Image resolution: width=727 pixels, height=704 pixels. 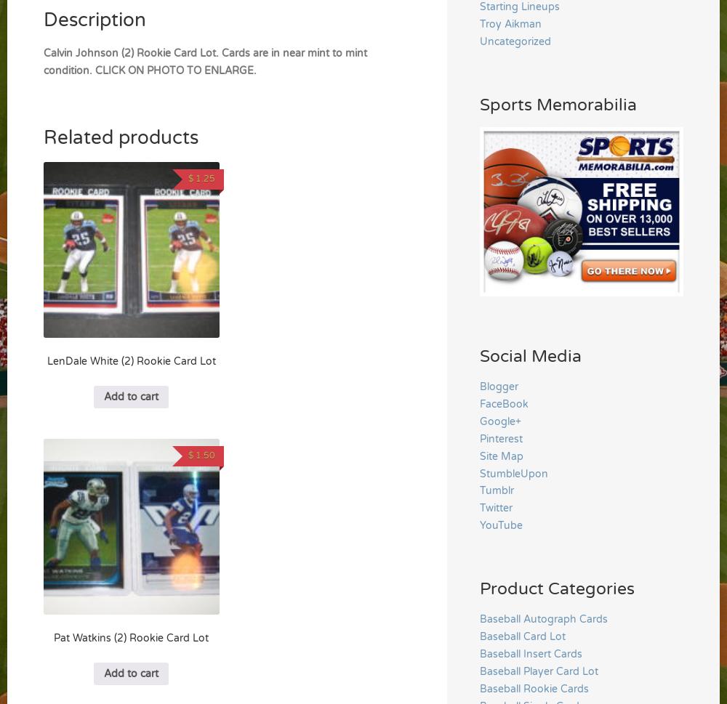 What do you see at coordinates (121, 137) in the screenshot?
I see `'Related products'` at bounding box center [121, 137].